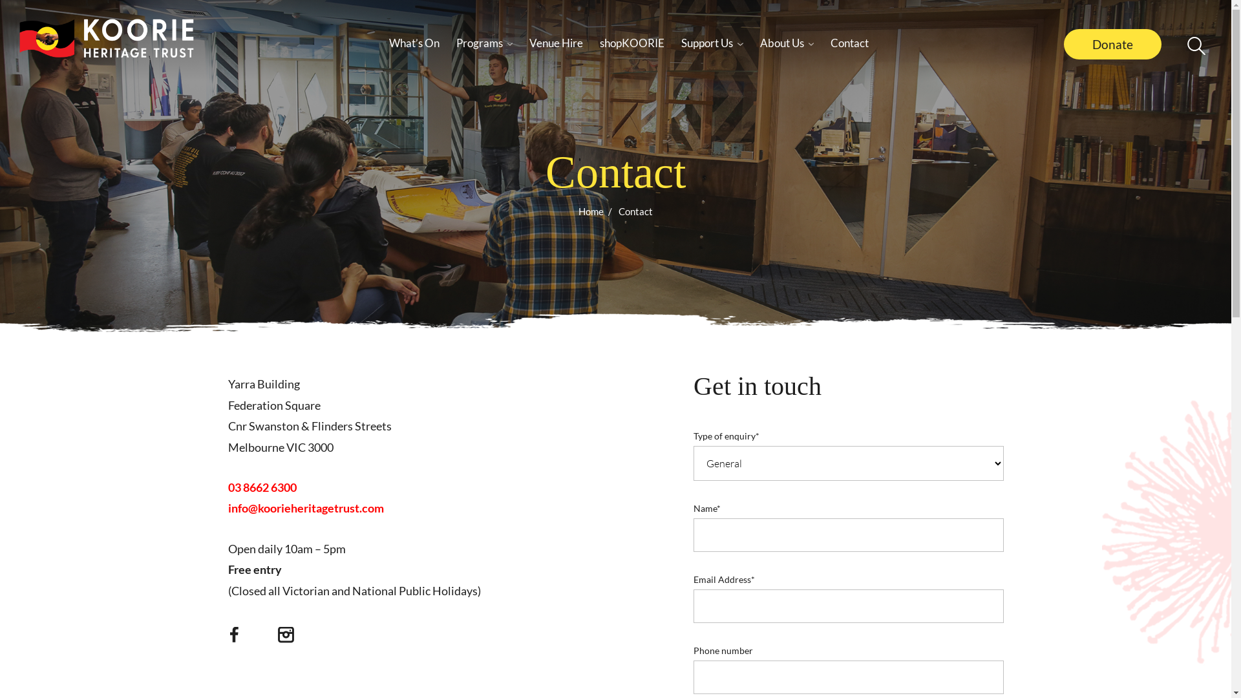 This screenshot has height=698, width=1241. Describe the element at coordinates (234, 637) in the screenshot. I see `'Find us on Facebook'` at that location.